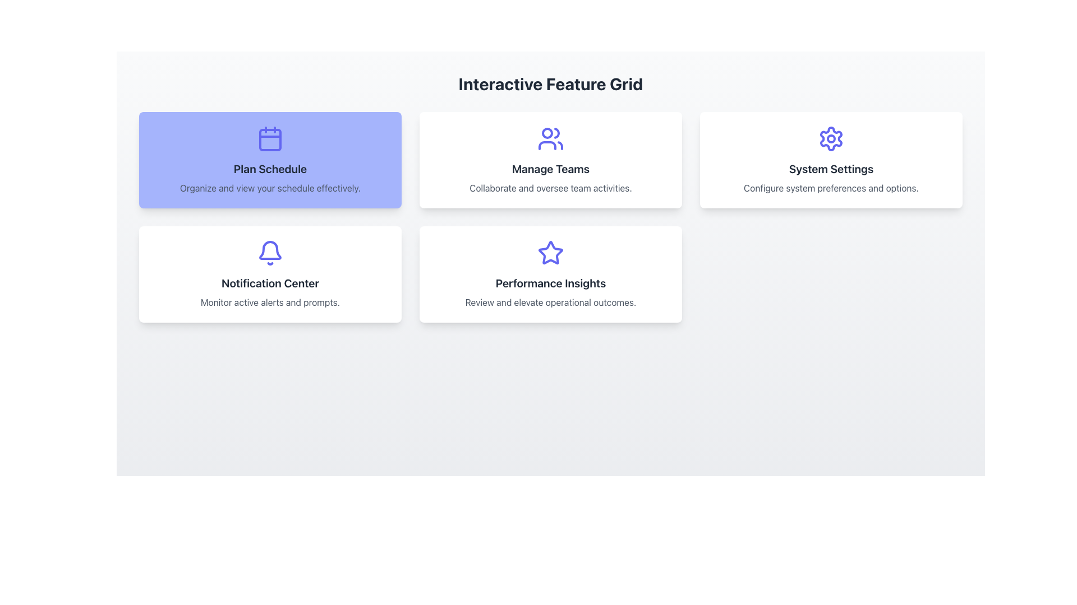  What do you see at coordinates (551, 282) in the screenshot?
I see `static text label displaying 'Performance Insights', which is styled in bold, large font and centered within a white card` at bounding box center [551, 282].